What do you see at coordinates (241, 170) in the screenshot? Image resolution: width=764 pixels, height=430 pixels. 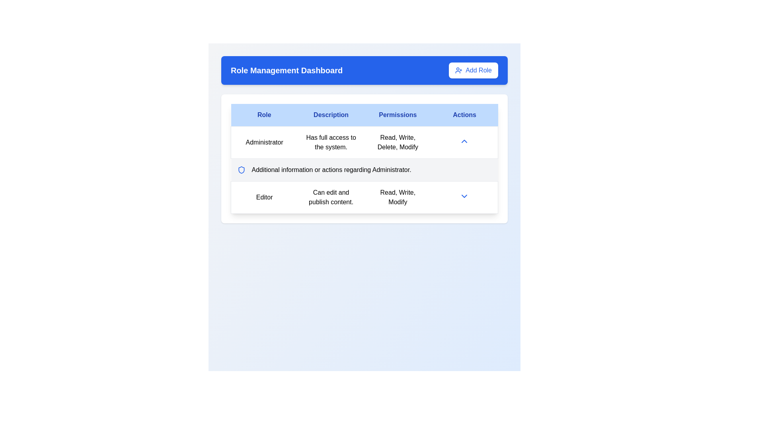 I see `the shield icon indicating security or protection, which is the first item in the row aligned with other similar icons next to the 'Additional information or actions regarding Administrator.' text` at bounding box center [241, 170].